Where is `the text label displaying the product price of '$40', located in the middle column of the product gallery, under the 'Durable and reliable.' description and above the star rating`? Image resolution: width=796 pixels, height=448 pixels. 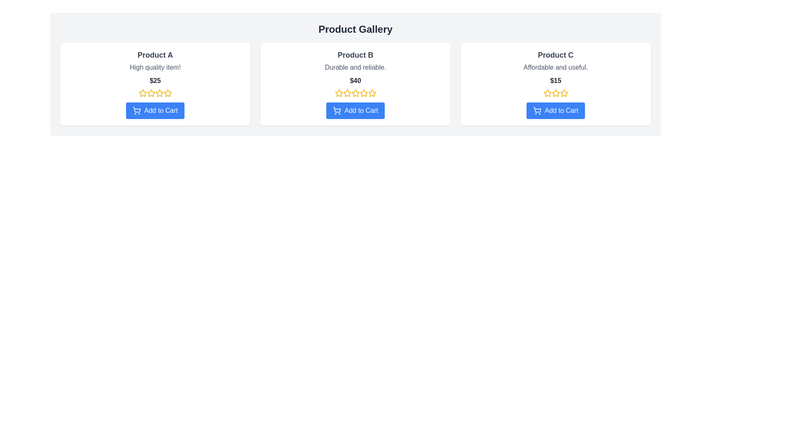
the text label displaying the product price of '$40', located in the middle column of the product gallery, under the 'Durable and reliable.' description and above the star rating is located at coordinates (355, 81).